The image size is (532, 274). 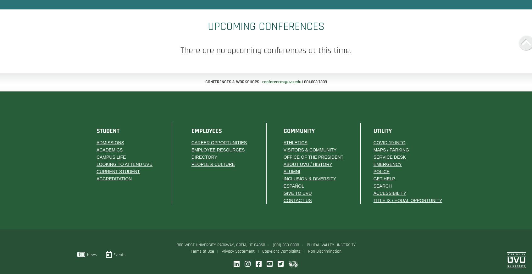 What do you see at coordinates (315, 81) in the screenshot?
I see `'801.863.7399'` at bounding box center [315, 81].